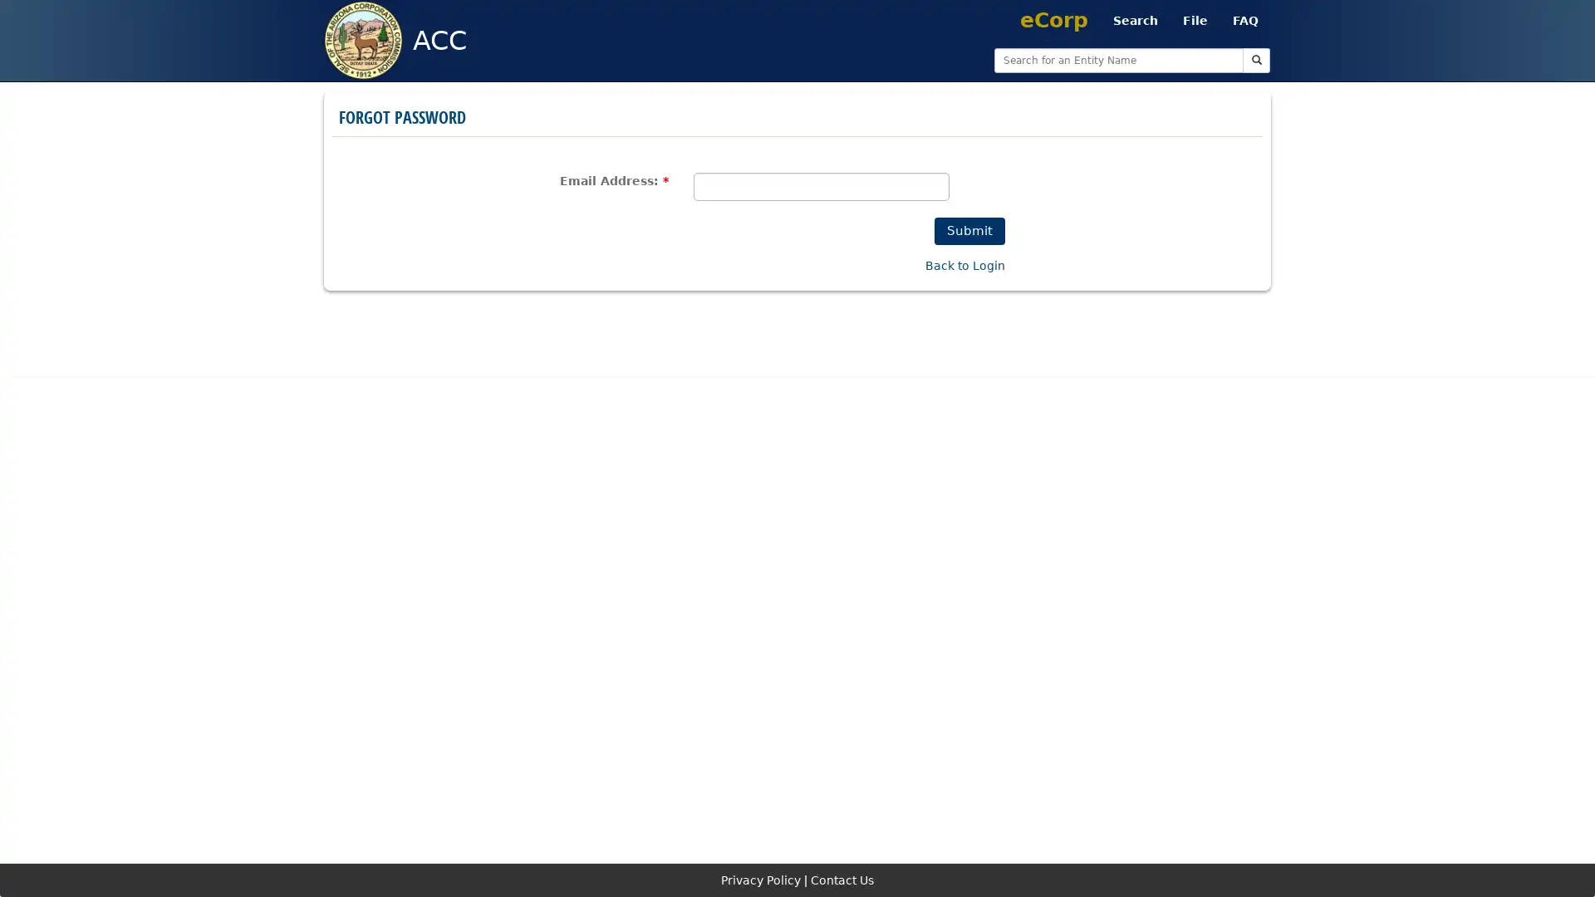 The image size is (1595, 897). What do you see at coordinates (969, 230) in the screenshot?
I see `Submit` at bounding box center [969, 230].